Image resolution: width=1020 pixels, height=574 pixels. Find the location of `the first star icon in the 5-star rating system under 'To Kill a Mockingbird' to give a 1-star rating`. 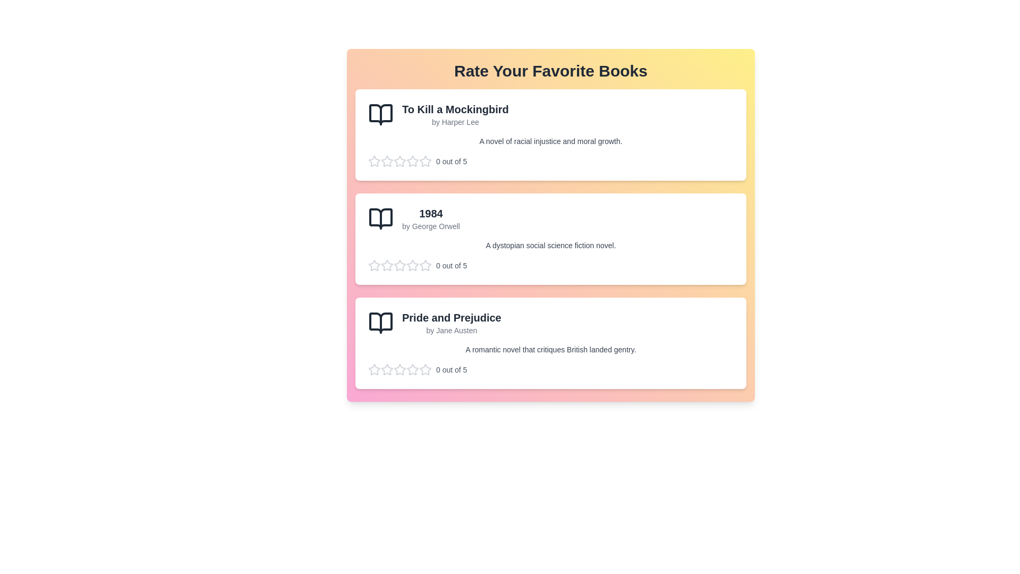

the first star icon in the 5-star rating system under 'To Kill a Mockingbird' to give a 1-star rating is located at coordinates (412, 161).